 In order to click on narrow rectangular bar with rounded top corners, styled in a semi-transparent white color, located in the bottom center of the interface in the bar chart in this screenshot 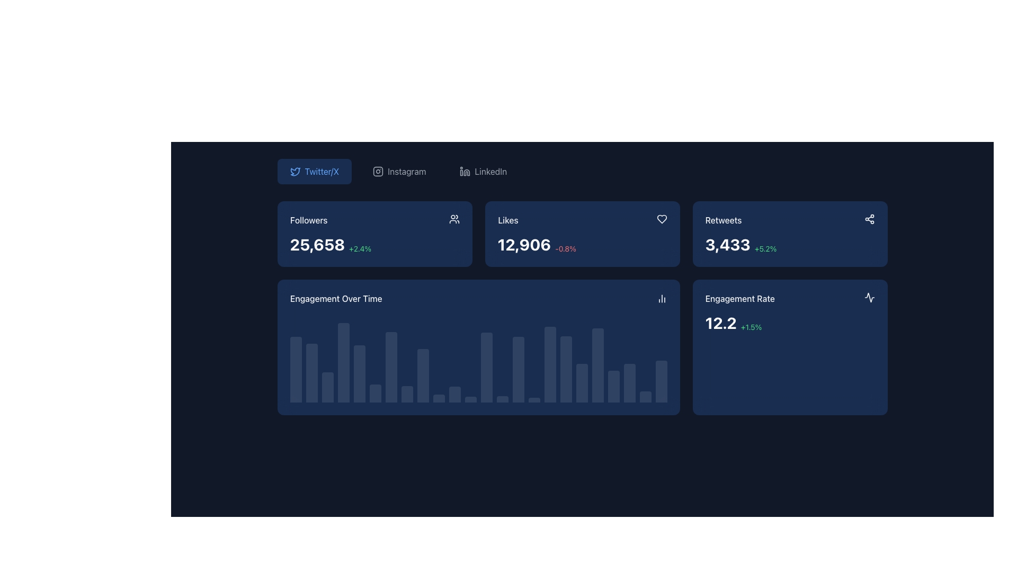, I will do `click(502, 399)`.